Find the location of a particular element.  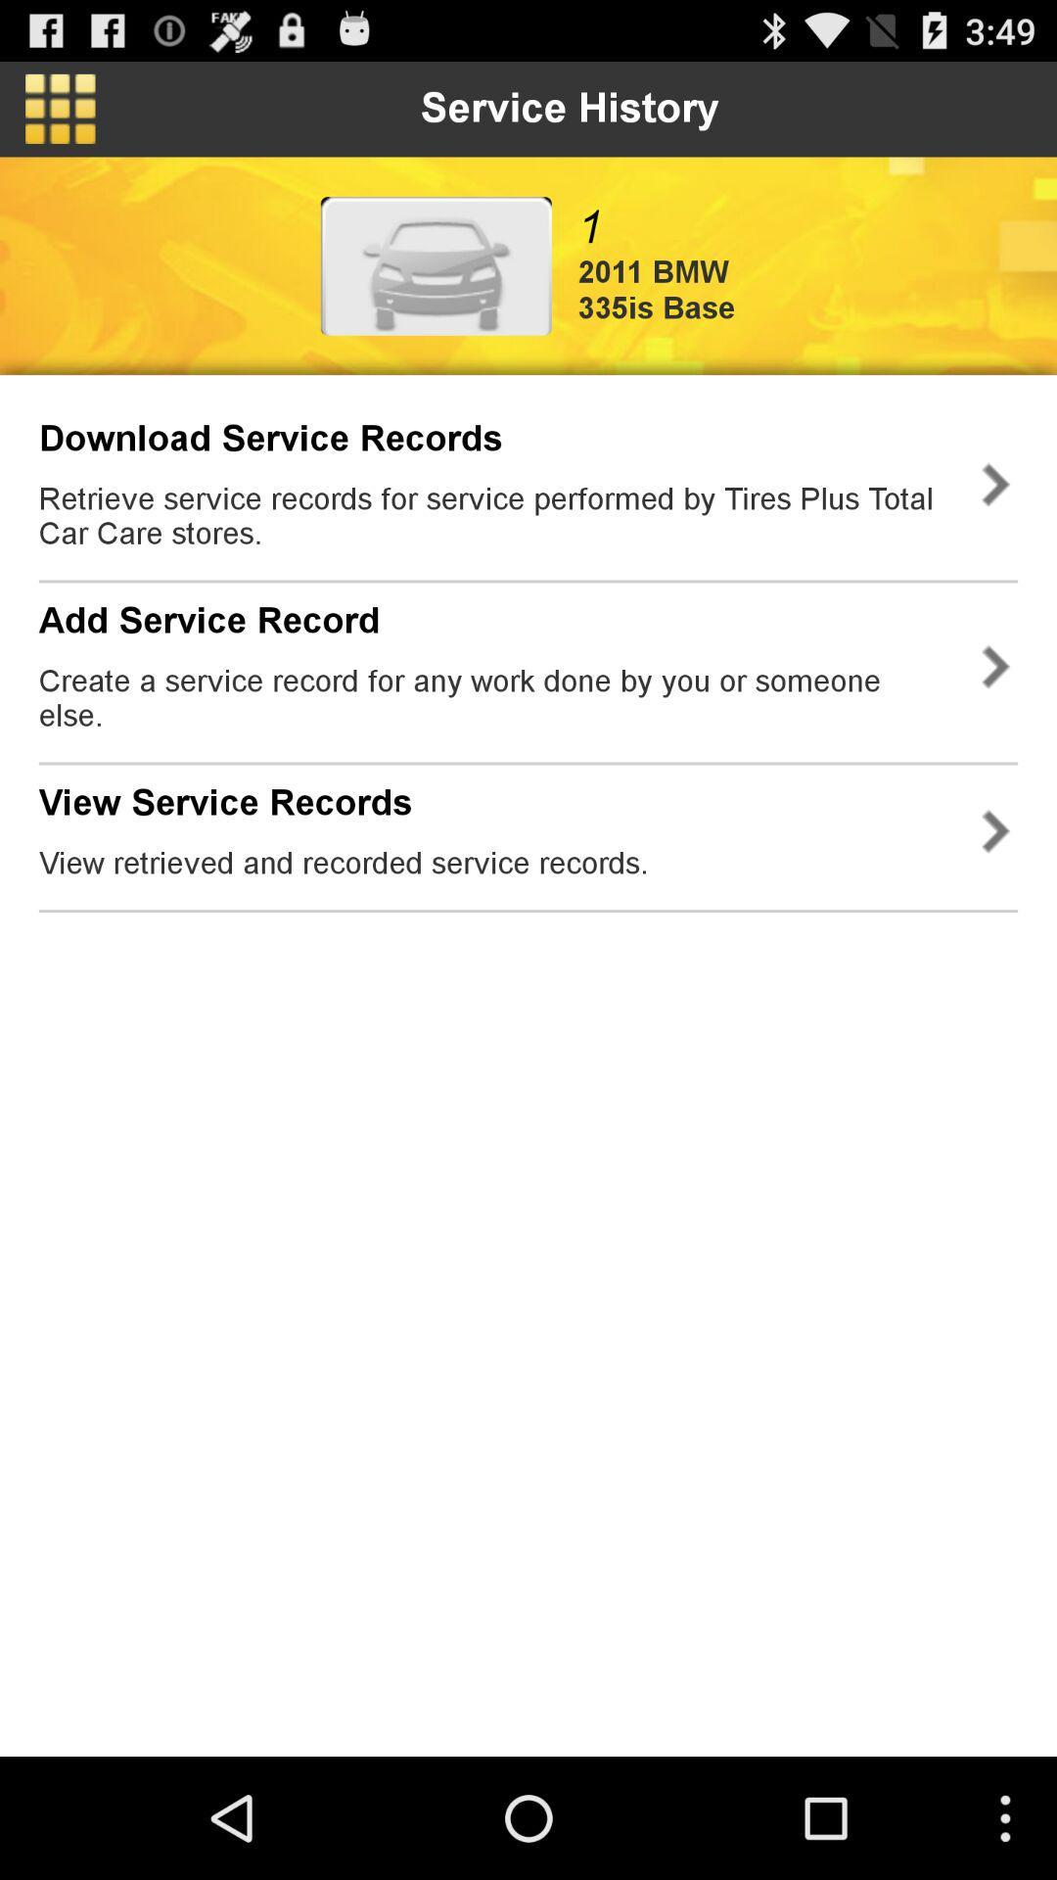

the dashboard icon is located at coordinates (59, 116).